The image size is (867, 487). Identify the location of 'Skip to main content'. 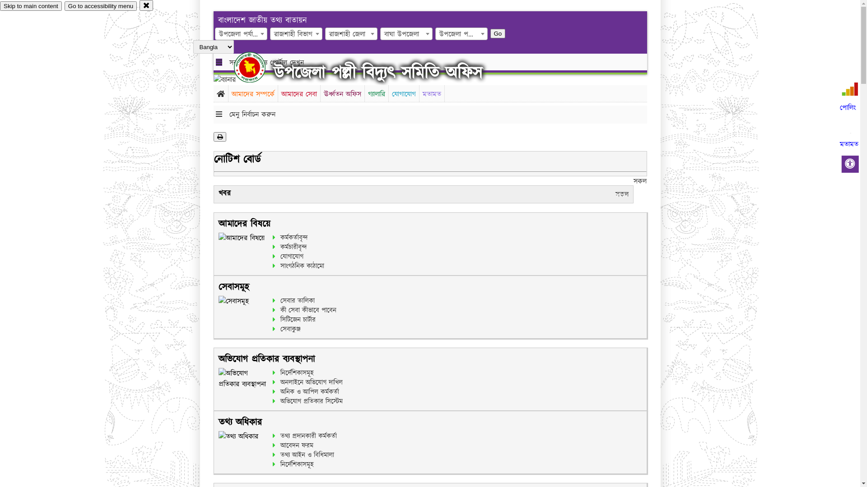
(31, 6).